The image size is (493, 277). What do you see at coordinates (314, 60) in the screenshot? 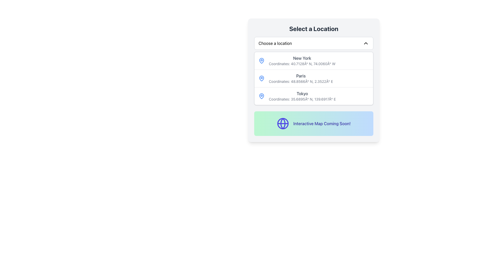
I see `the selectable location option for 'New York'` at bounding box center [314, 60].